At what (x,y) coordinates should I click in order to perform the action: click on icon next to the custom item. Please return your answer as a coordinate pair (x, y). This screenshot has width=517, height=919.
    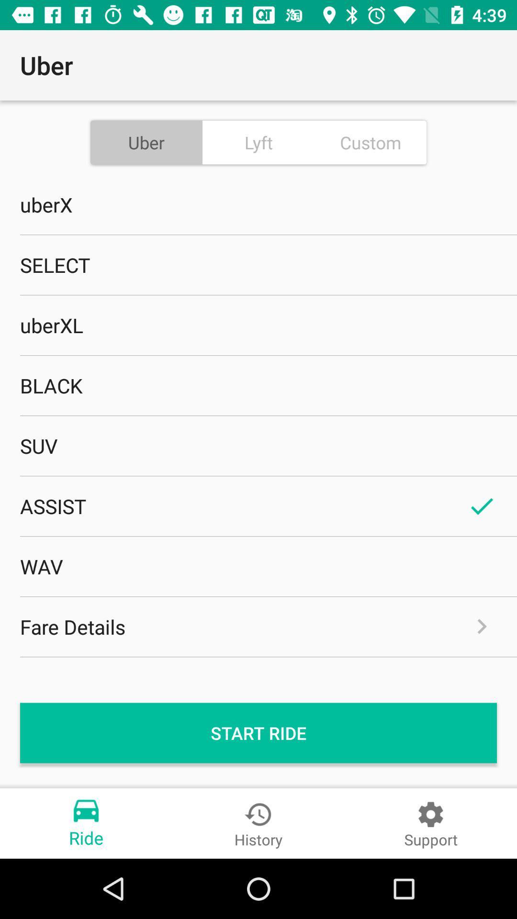
    Looking at the image, I should click on (258, 142).